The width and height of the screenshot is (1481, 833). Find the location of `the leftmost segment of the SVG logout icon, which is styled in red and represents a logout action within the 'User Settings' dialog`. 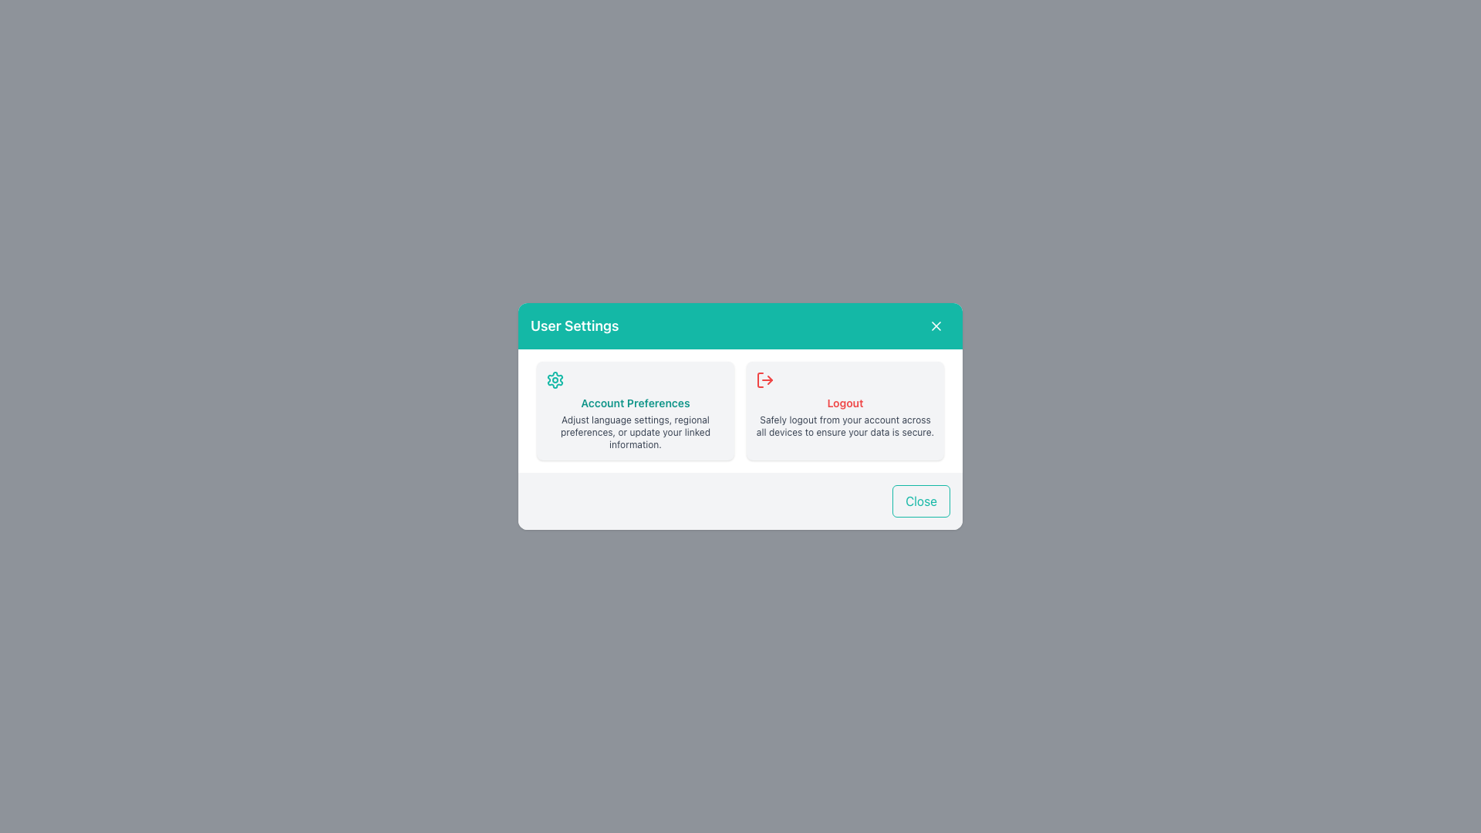

the leftmost segment of the SVG logout icon, which is styled in red and represents a logout action within the 'User Settings' dialog is located at coordinates (760, 380).